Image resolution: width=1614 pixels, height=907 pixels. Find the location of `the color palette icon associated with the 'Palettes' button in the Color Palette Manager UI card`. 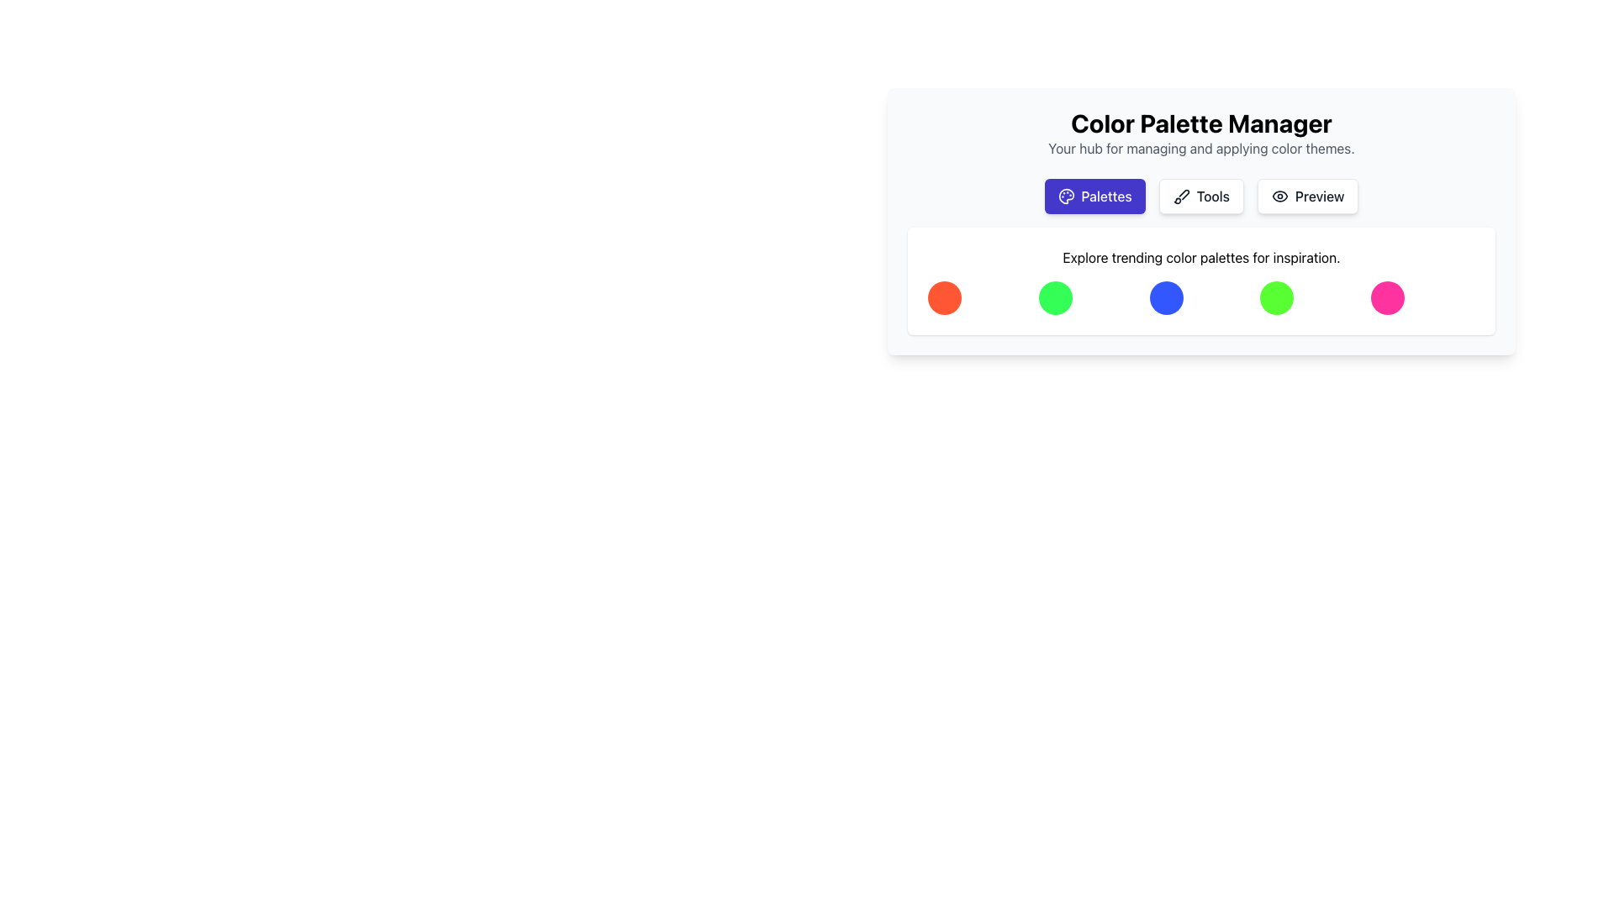

the color palette icon associated with the 'Palettes' button in the Color Palette Manager UI card is located at coordinates (1065, 196).